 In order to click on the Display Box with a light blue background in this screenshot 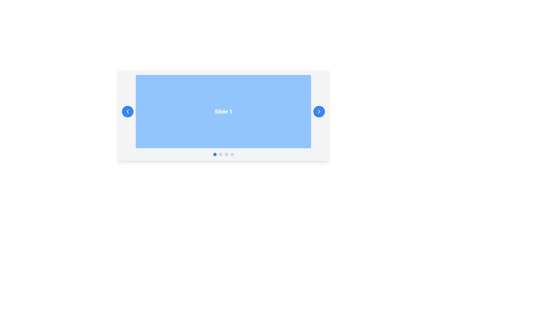, I will do `click(223, 111)`.